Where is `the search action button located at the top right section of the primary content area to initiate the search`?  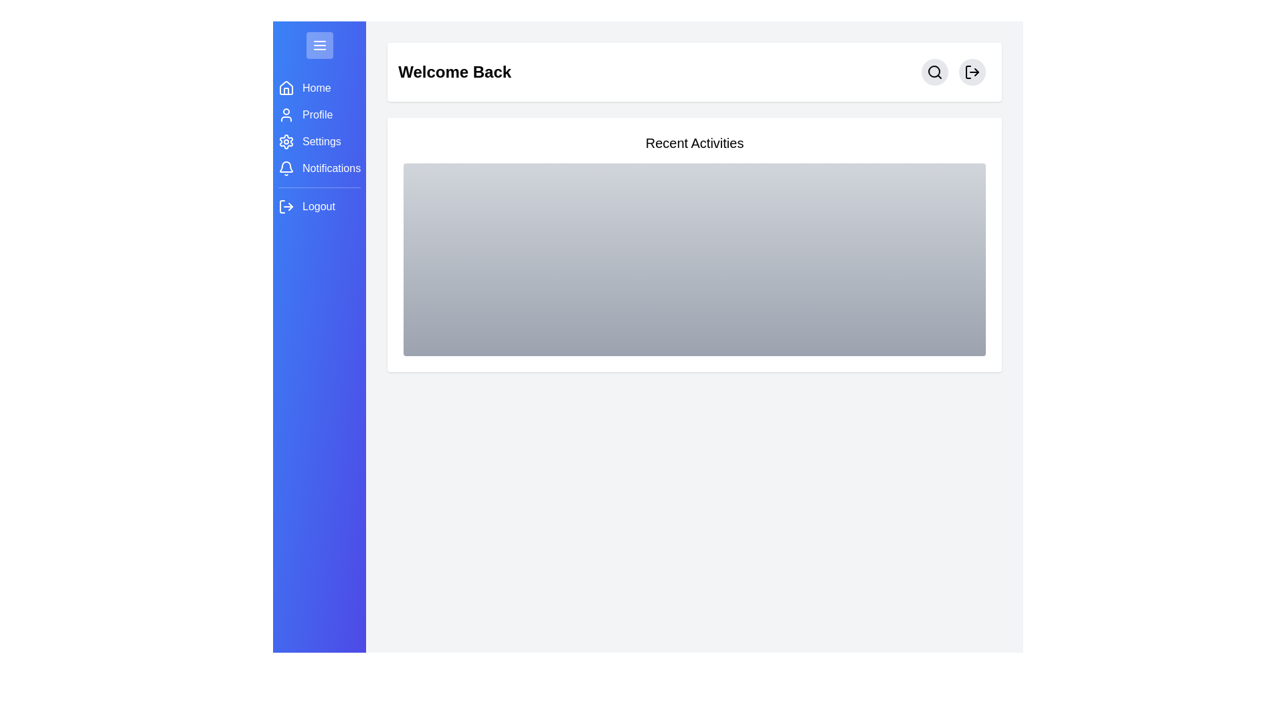
the search action button located at the top right section of the primary content area to initiate the search is located at coordinates (934, 72).